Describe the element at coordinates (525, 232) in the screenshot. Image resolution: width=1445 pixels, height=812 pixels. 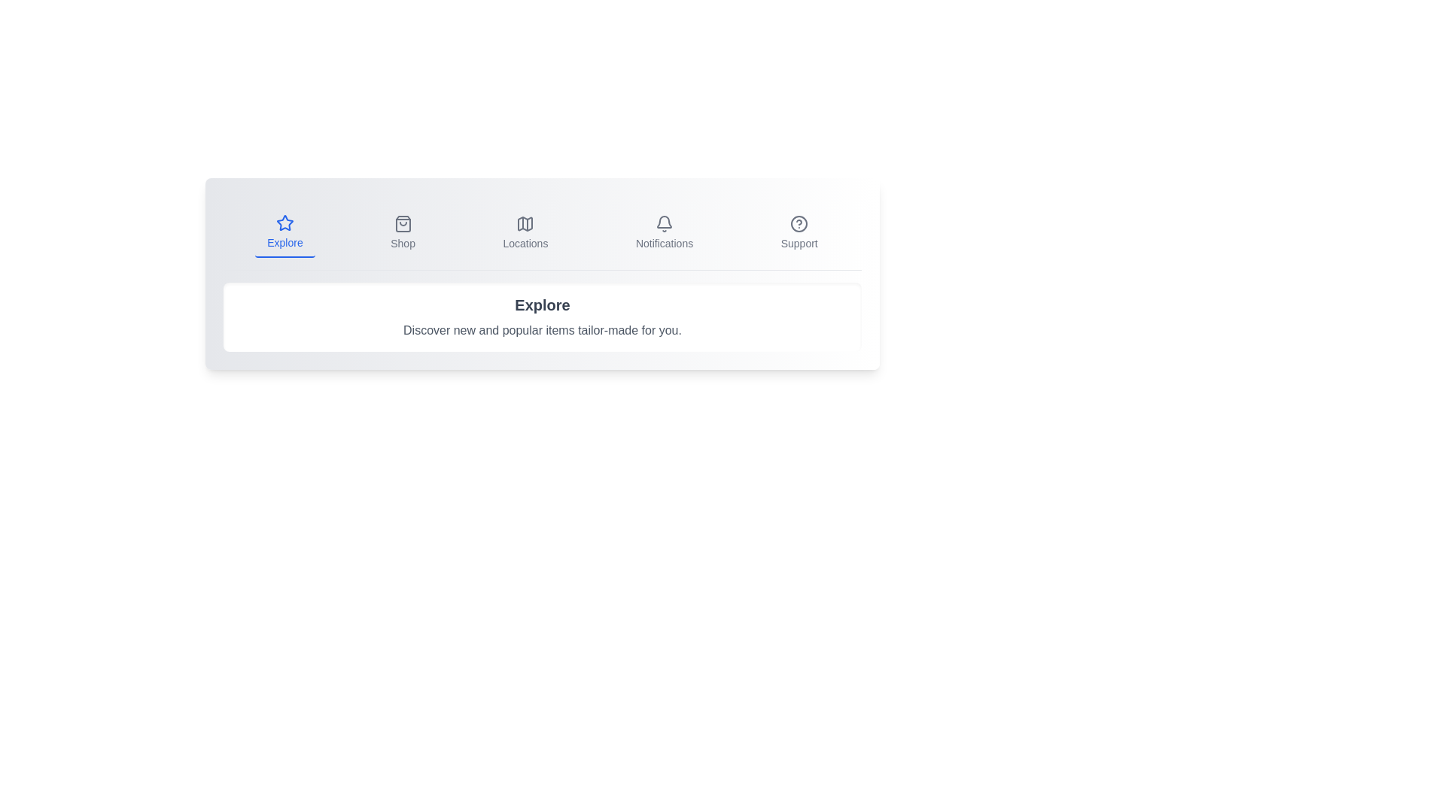
I see `the 'Locations' button in the navigation bar, which is the third item between 'Shop' and 'Notifications'` at that location.